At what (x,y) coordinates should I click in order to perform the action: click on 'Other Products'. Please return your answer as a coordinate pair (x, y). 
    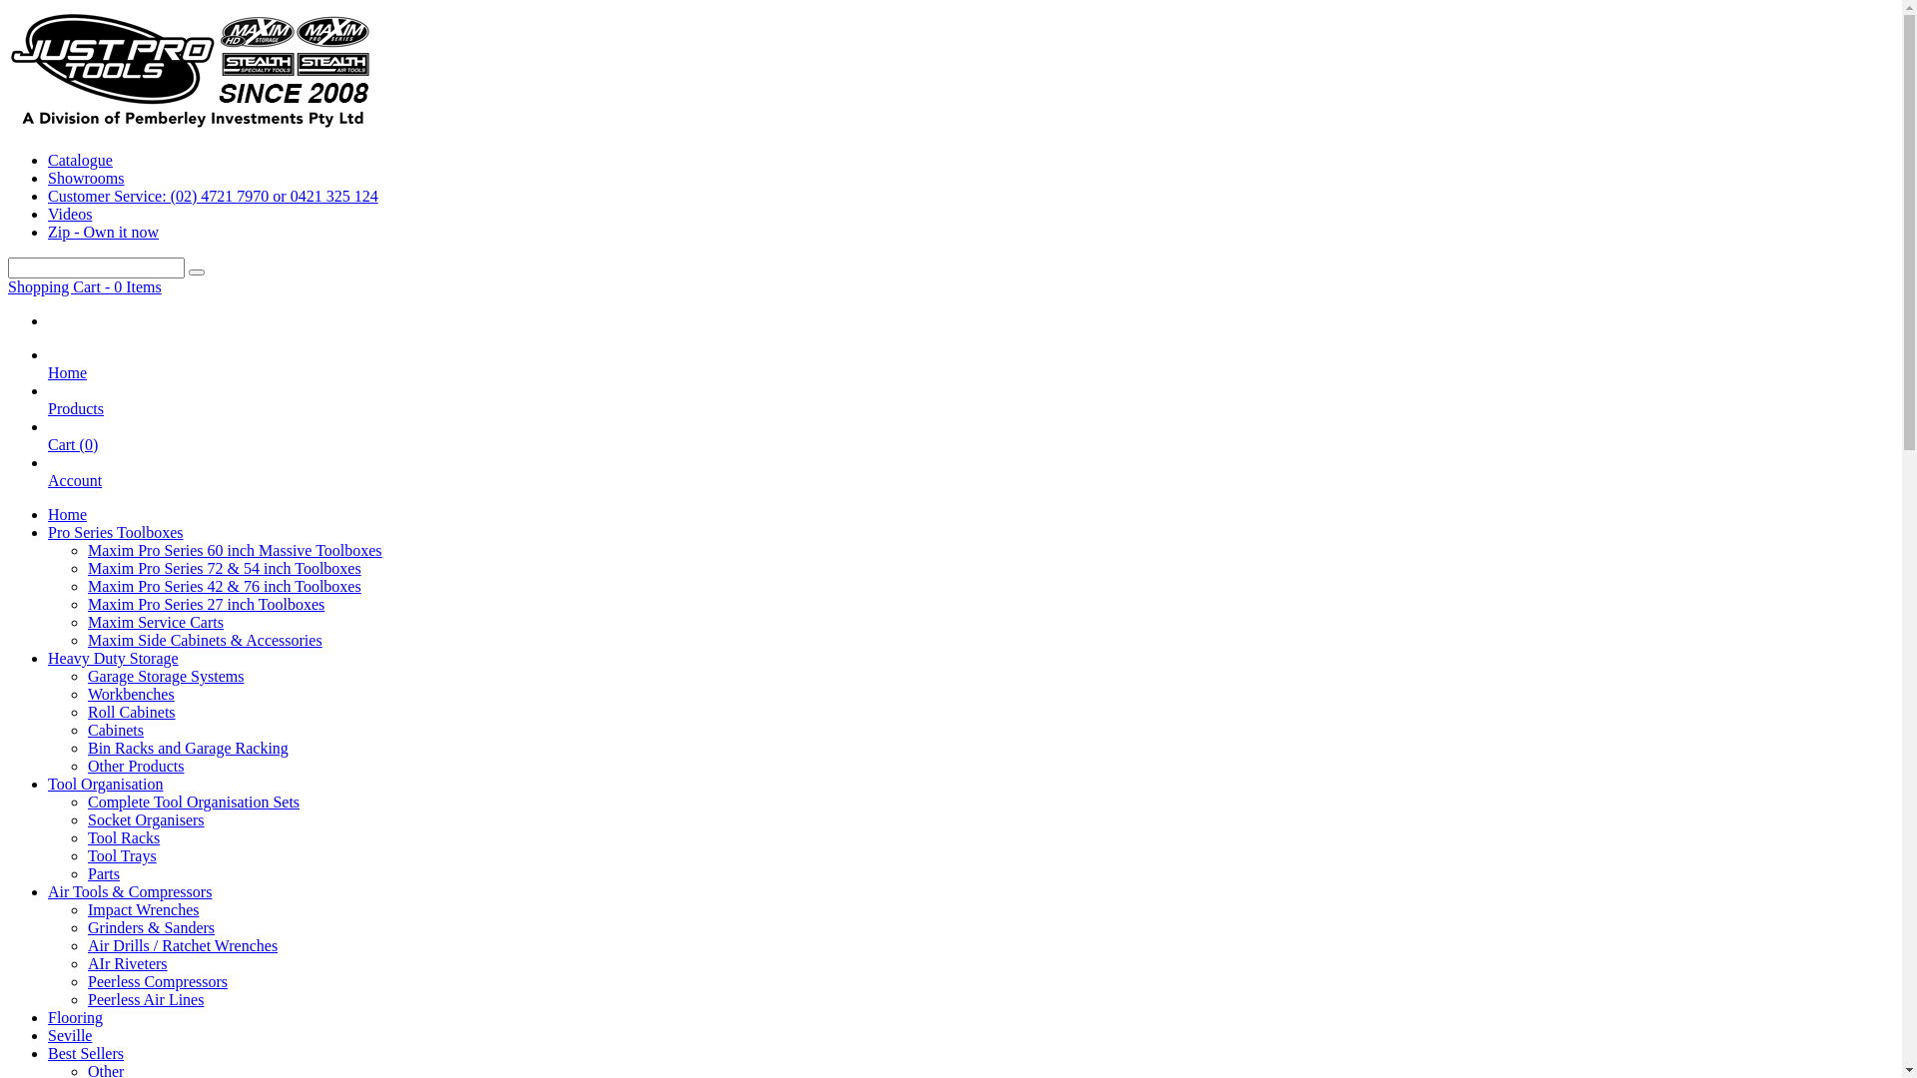
    Looking at the image, I should click on (86, 765).